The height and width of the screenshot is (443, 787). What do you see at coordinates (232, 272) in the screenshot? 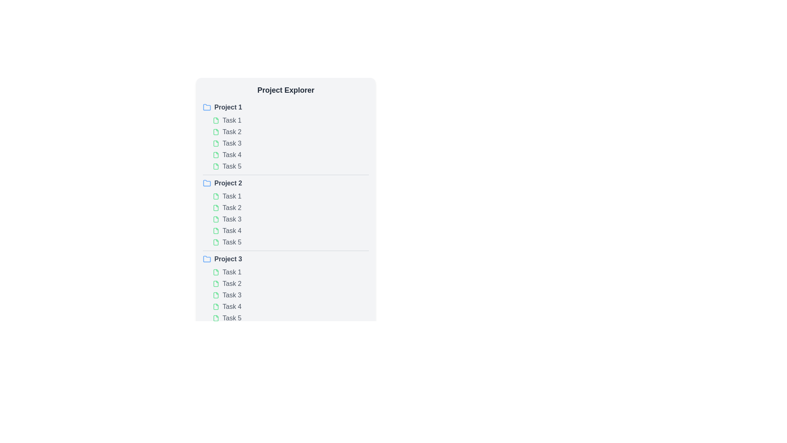
I see `the text label that serves as an identifier for the first task under 'Project 3' in the sidebar` at bounding box center [232, 272].